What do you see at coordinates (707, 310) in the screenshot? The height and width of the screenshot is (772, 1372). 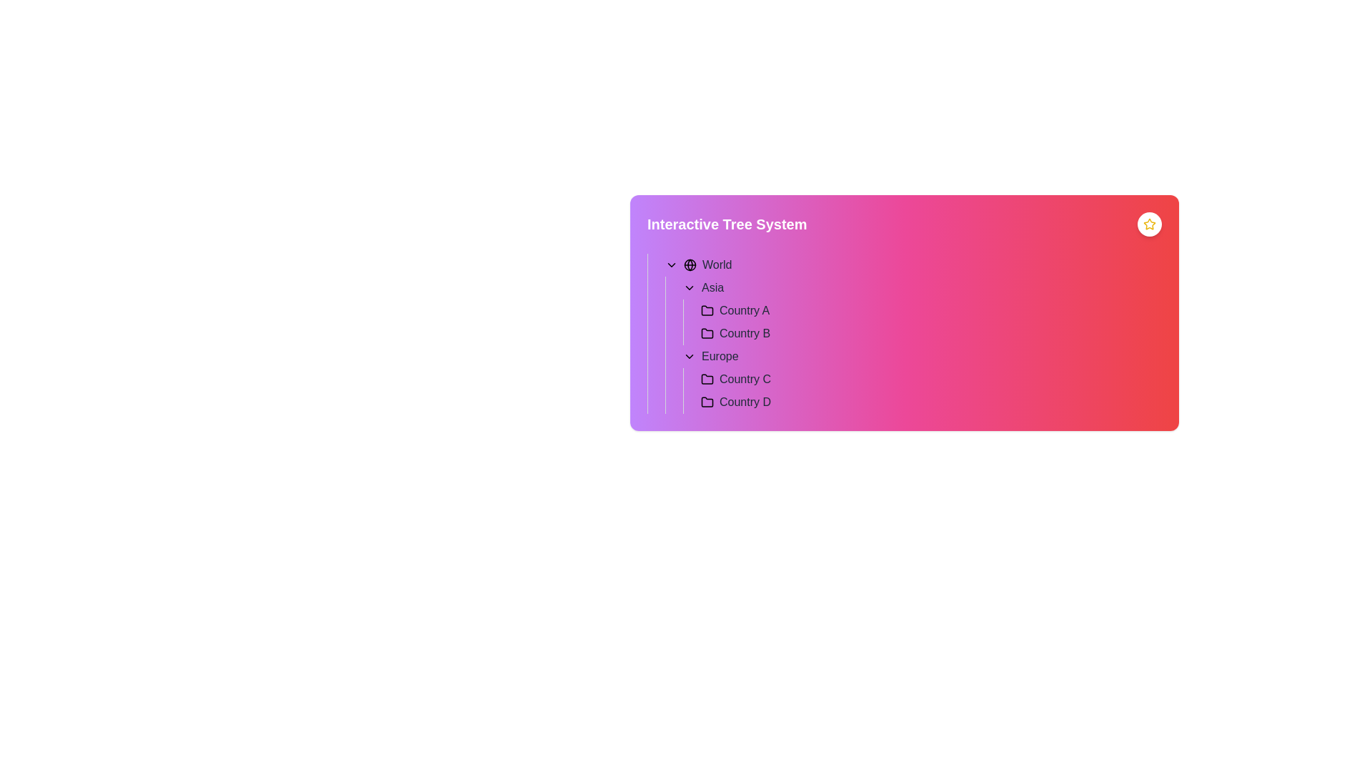 I see `the folder icon representing 'Country A' under the 'Asia' category to expand or collapse it` at bounding box center [707, 310].